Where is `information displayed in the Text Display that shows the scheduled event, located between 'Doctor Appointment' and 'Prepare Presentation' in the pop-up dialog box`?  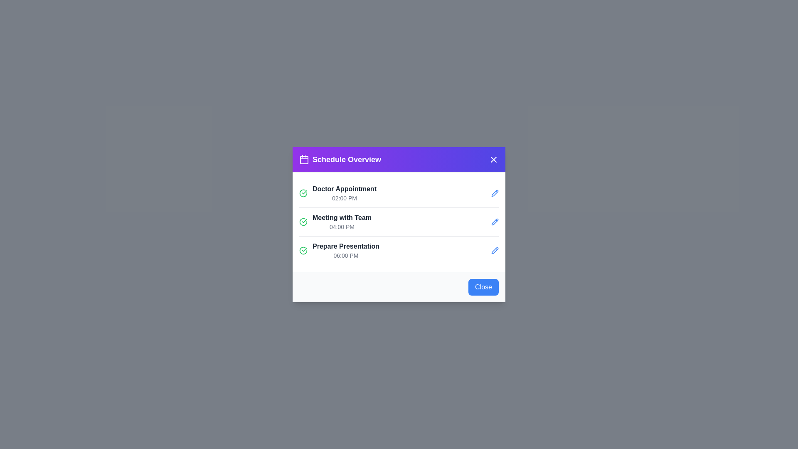 information displayed in the Text Display that shows the scheduled event, located between 'Doctor Appointment' and 'Prepare Presentation' in the pop-up dialog box is located at coordinates (342, 221).